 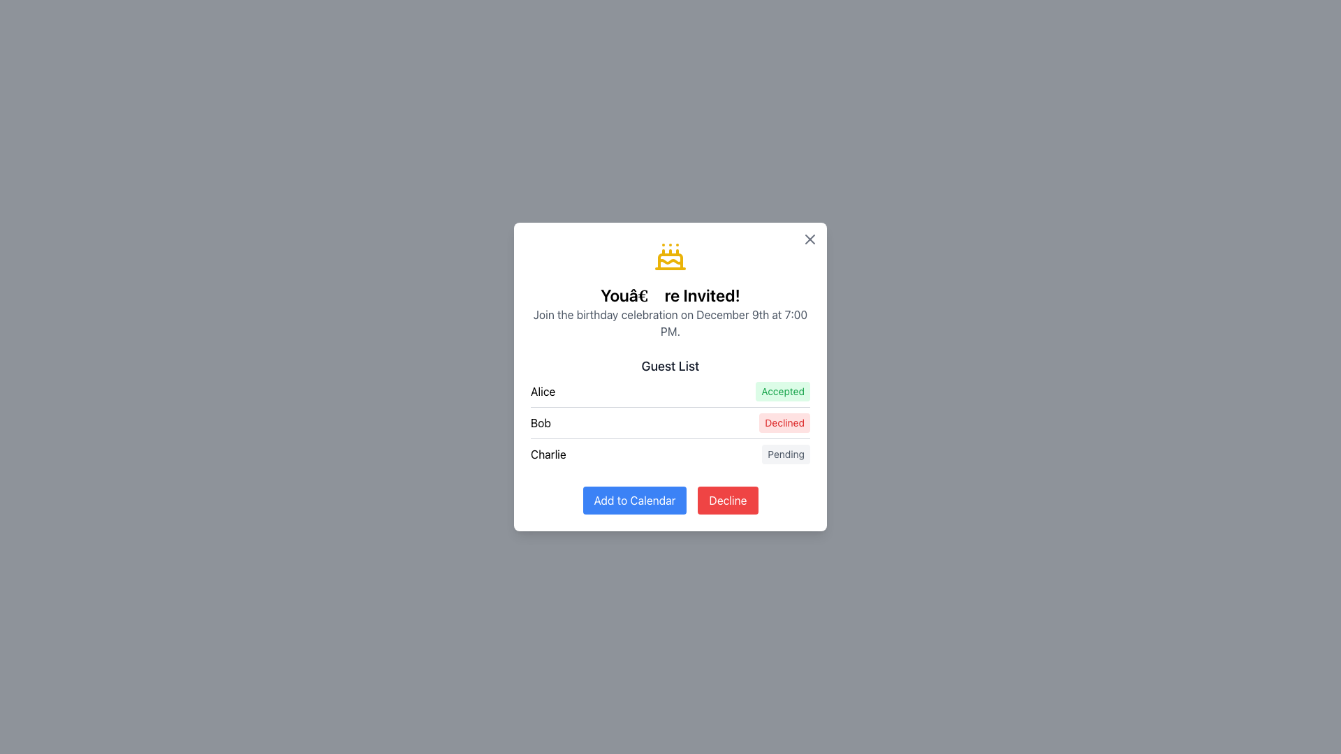 I want to click on the Text Label that serves as a header for the list of names and statuses, positioned at the top of the list section, so click(x=670, y=365).